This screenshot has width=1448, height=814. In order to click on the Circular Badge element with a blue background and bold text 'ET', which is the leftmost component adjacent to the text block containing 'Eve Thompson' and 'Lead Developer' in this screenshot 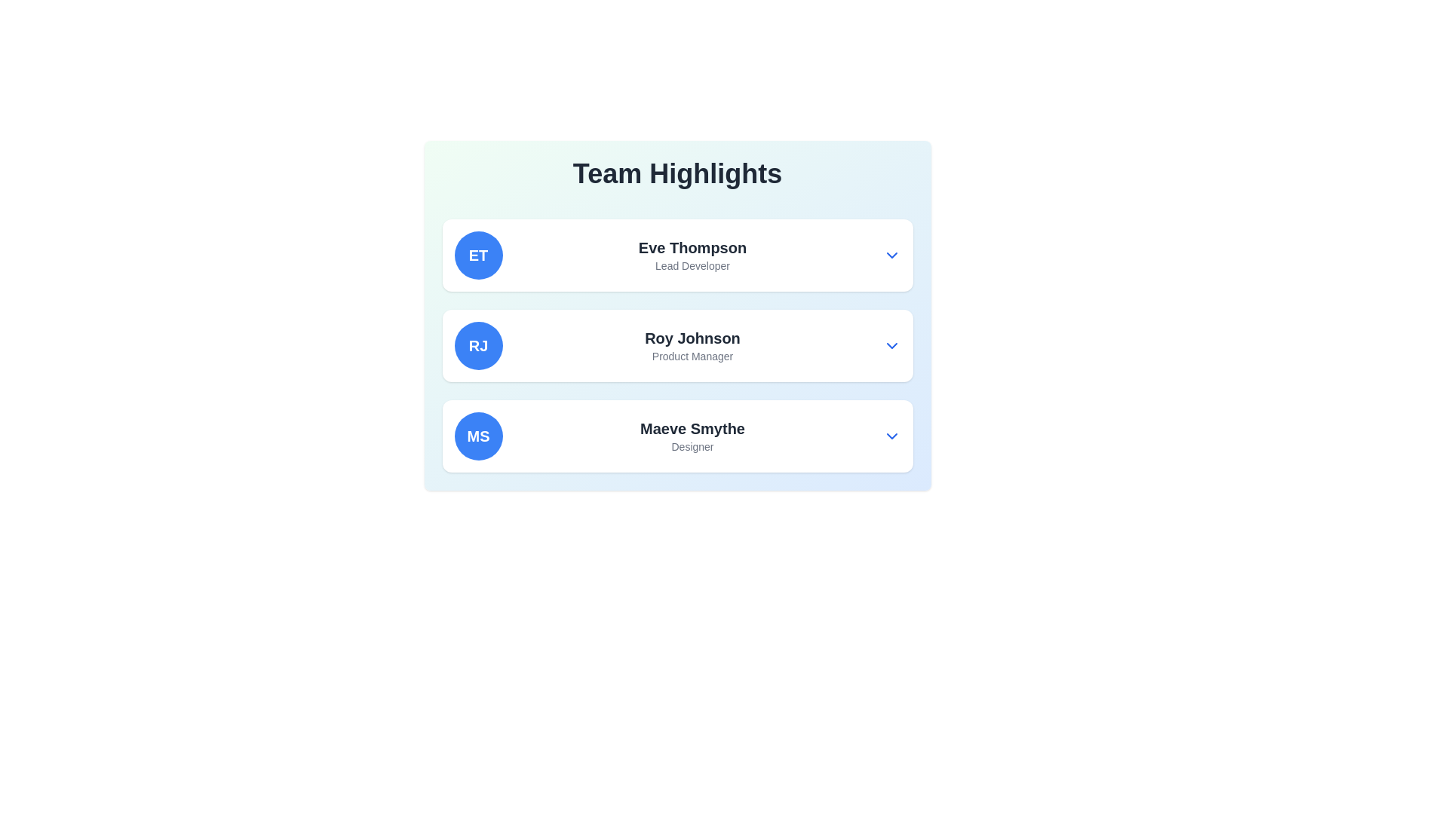, I will do `click(477, 255)`.